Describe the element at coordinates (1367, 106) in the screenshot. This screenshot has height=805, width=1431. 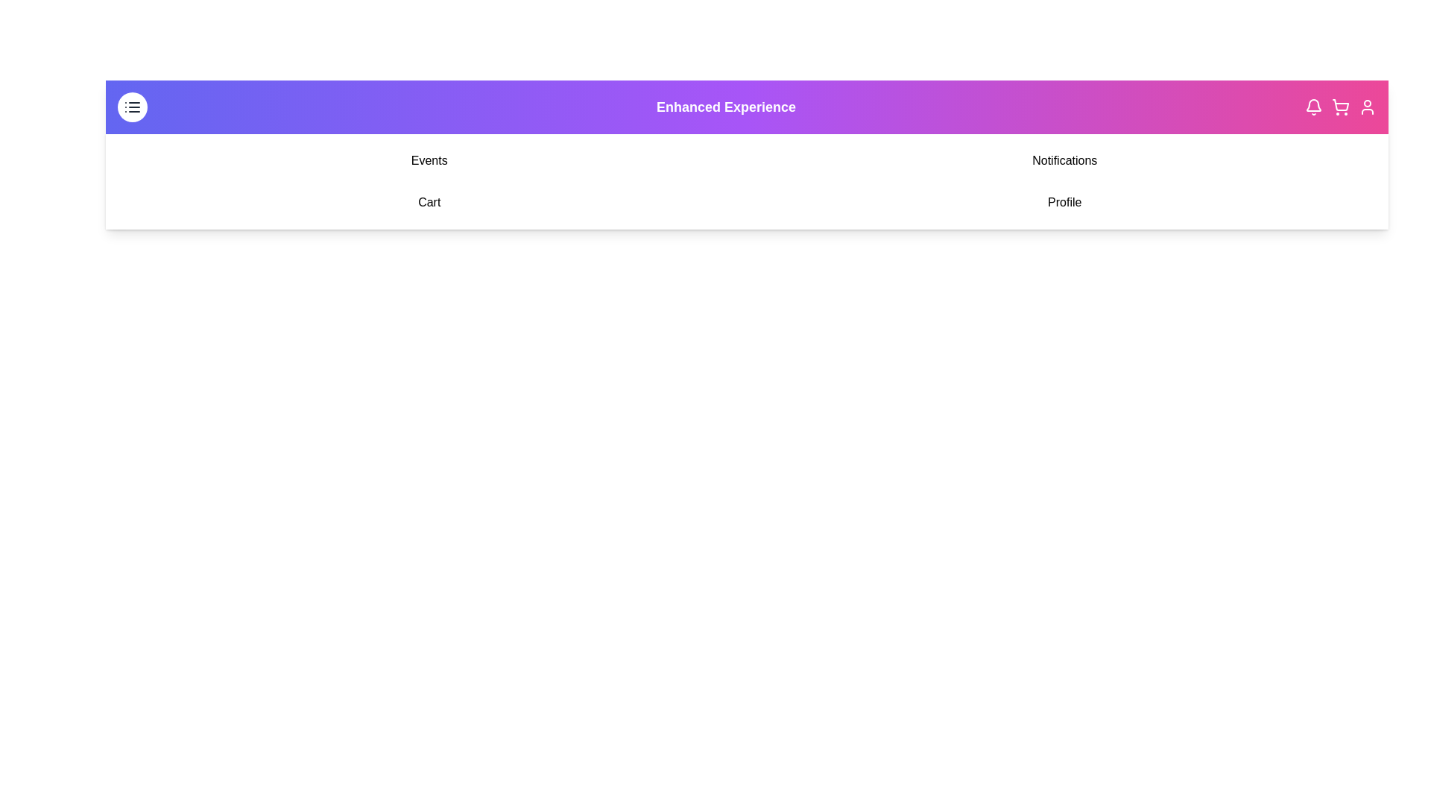
I see `the profile icon to trigger its action` at that location.